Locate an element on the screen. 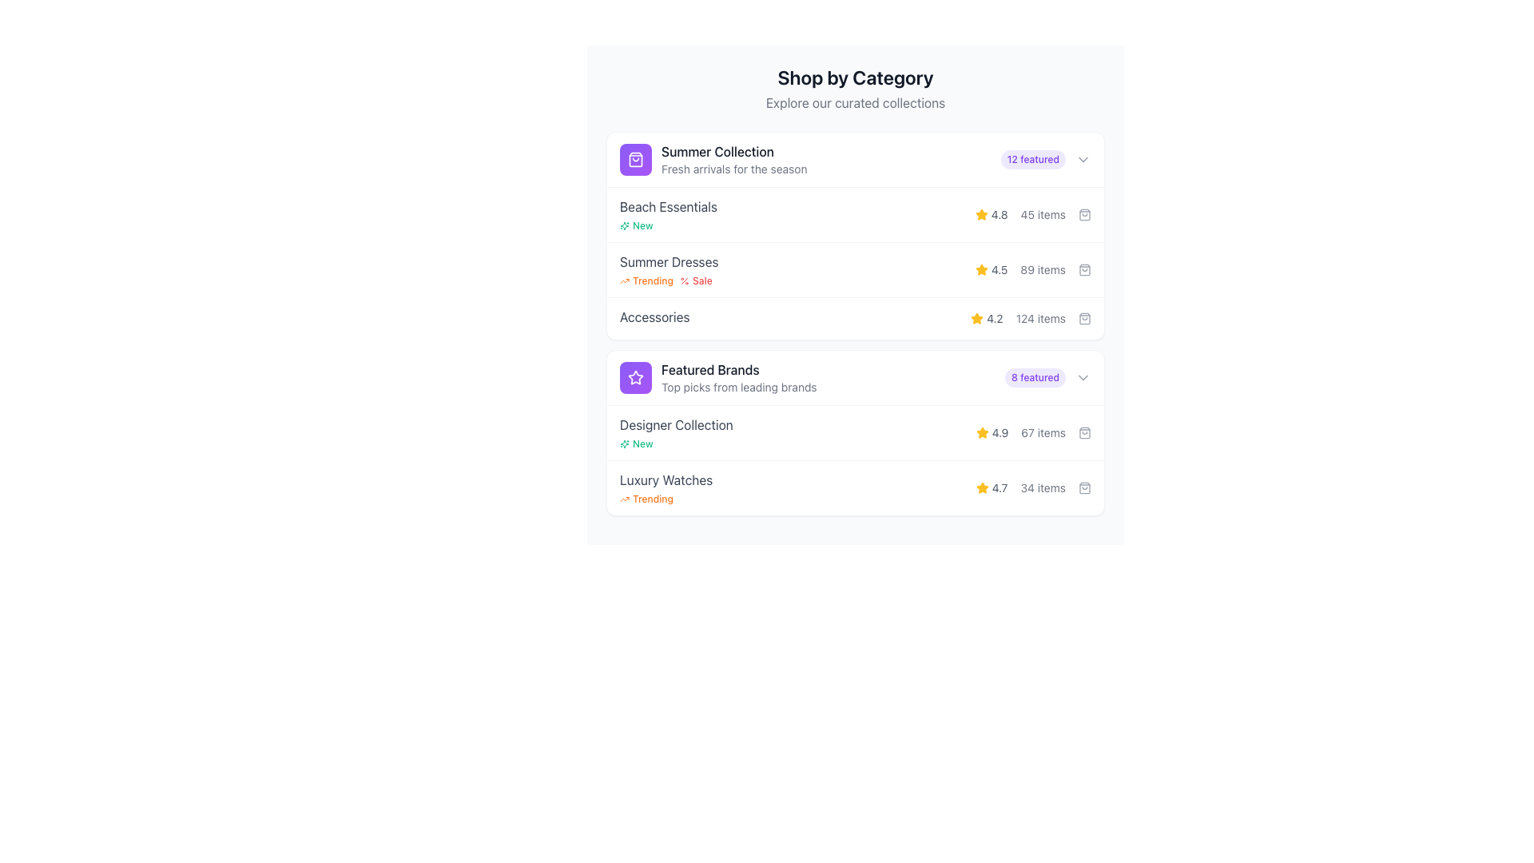 The image size is (1534, 863). the label displaying '34 items' in small gray font located at the bottom-right corner of the UI elements group is located at coordinates (1043, 487).